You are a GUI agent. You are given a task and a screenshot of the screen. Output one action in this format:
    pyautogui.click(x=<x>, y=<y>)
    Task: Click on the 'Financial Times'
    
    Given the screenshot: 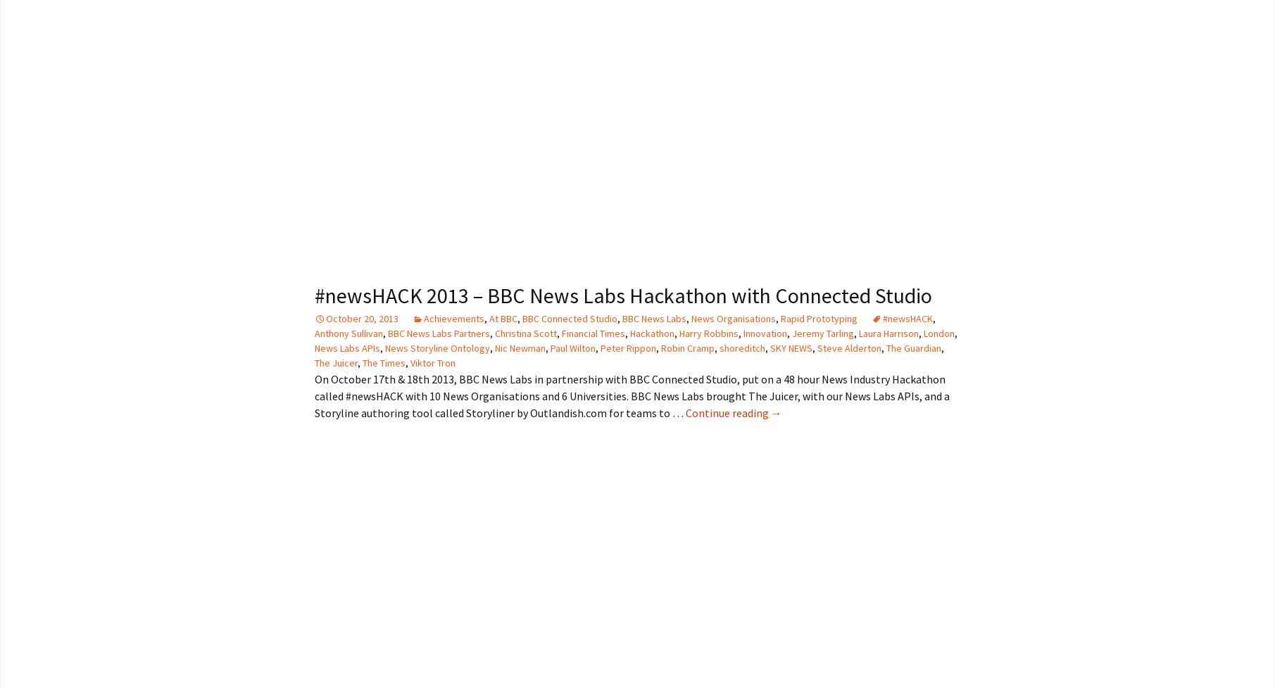 What is the action you would take?
    pyautogui.click(x=592, y=331)
    